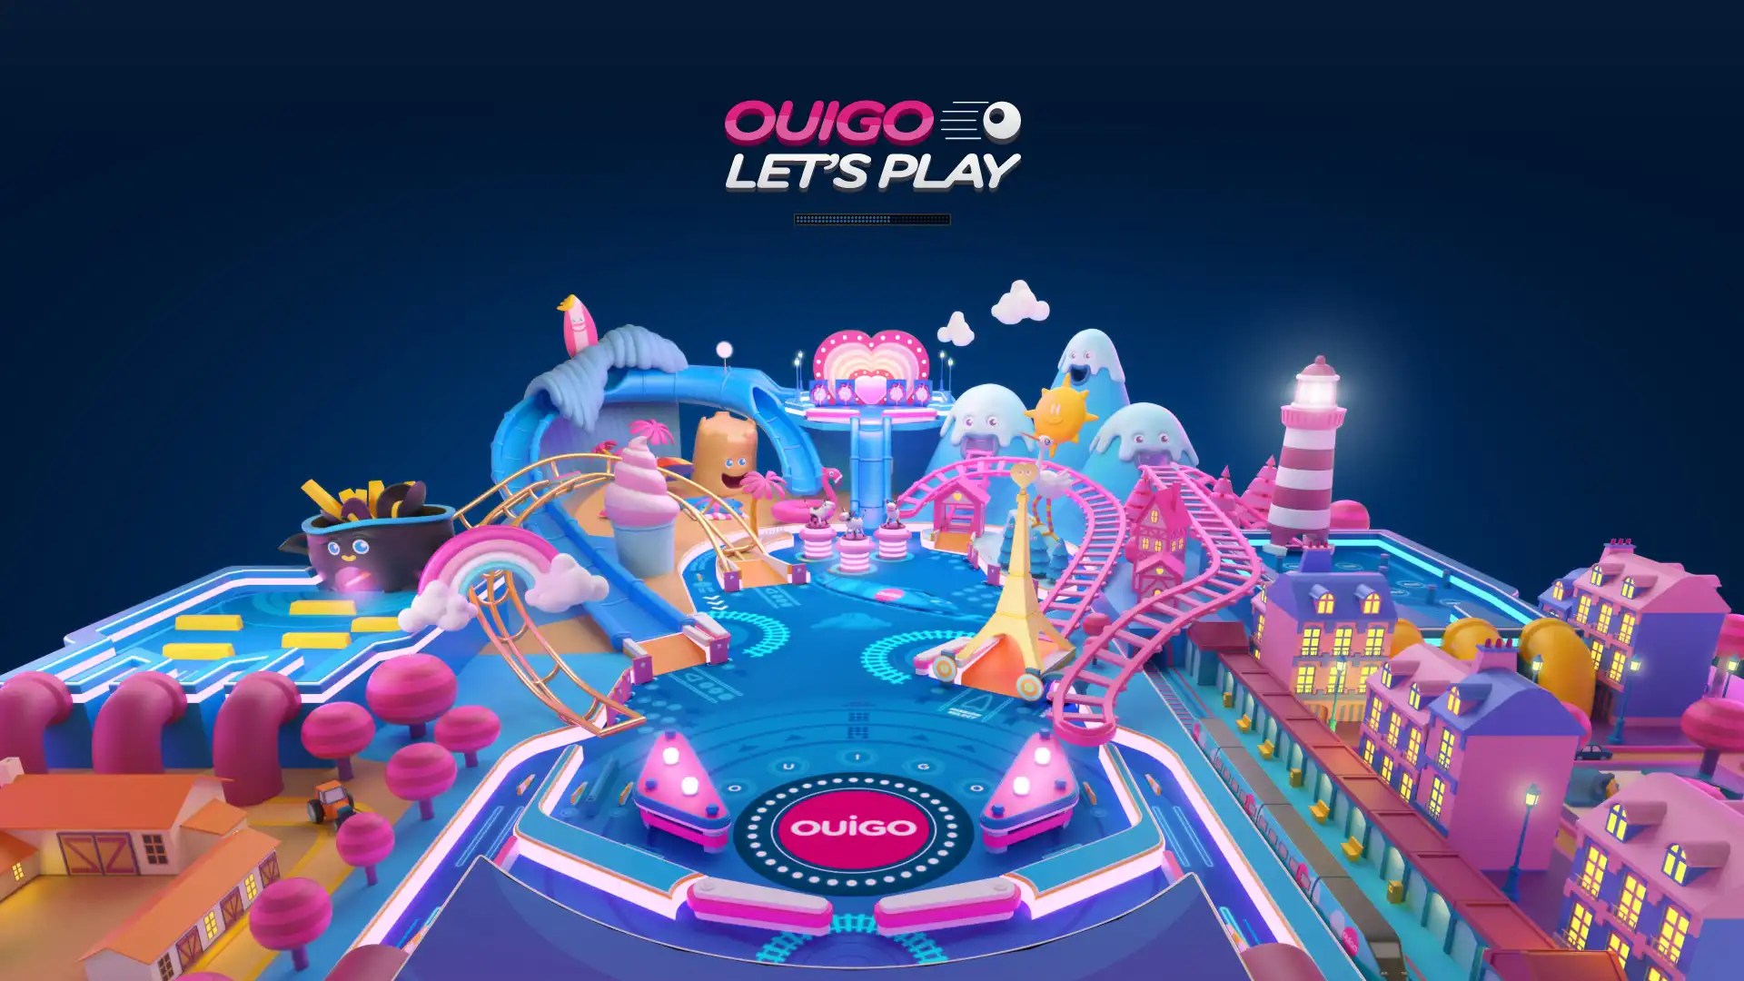 The width and height of the screenshot is (1744, 981). What do you see at coordinates (872, 954) in the screenshot?
I see `CLASSEMENT` at bounding box center [872, 954].